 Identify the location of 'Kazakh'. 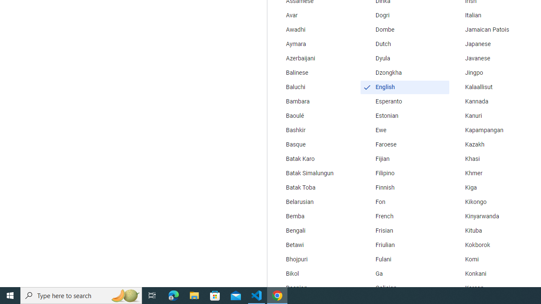
(494, 144).